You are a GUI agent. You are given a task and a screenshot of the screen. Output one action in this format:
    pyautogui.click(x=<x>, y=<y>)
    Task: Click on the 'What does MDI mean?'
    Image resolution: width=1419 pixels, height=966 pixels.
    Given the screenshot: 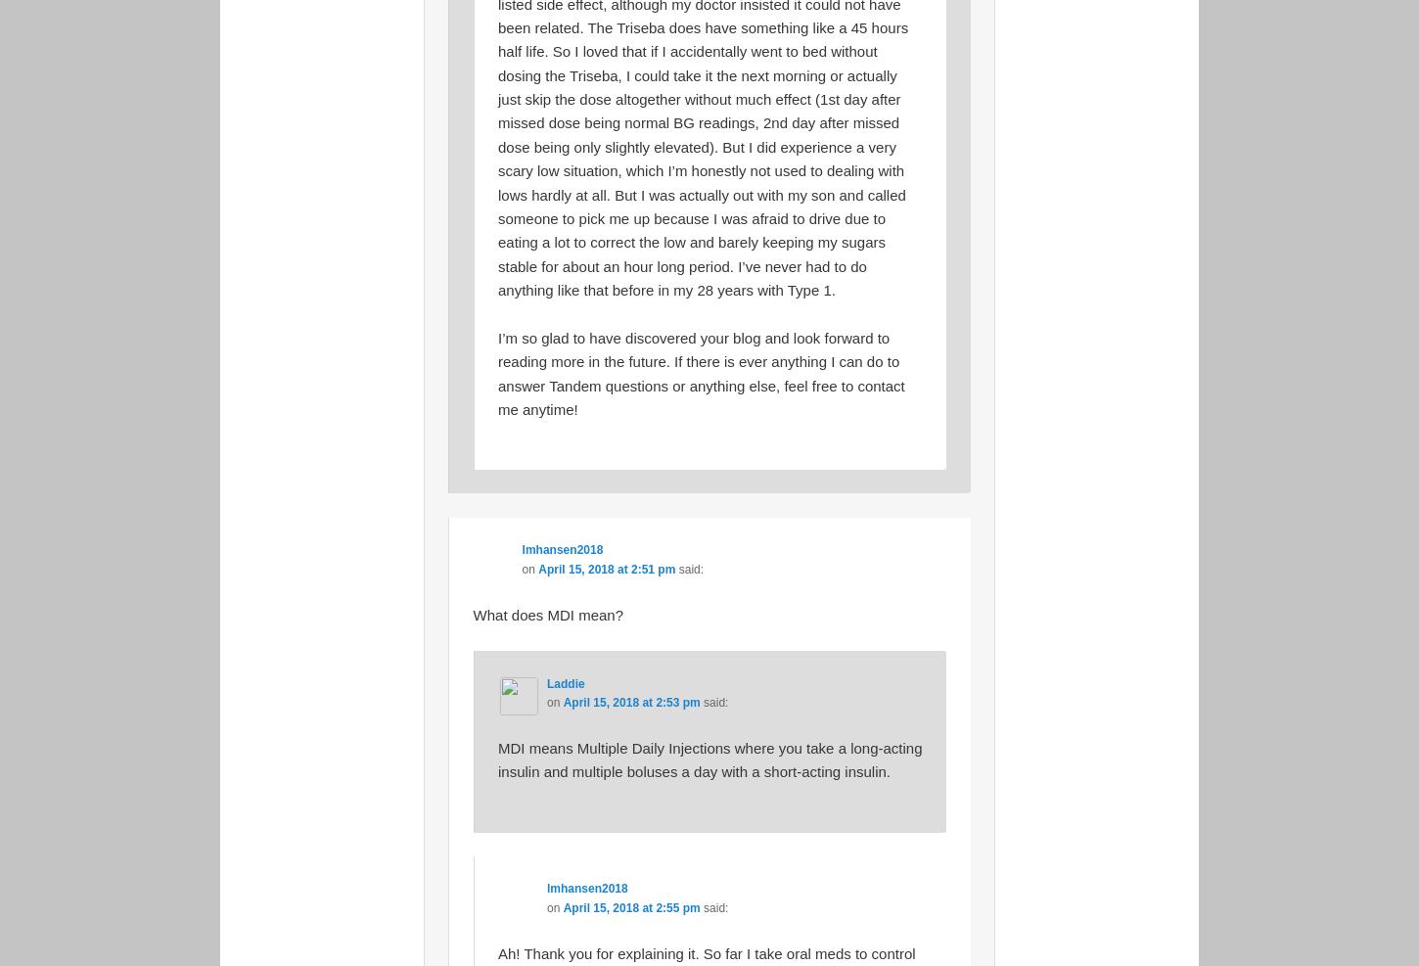 What is the action you would take?
    pyautogui.click(x=547, y=613)
    